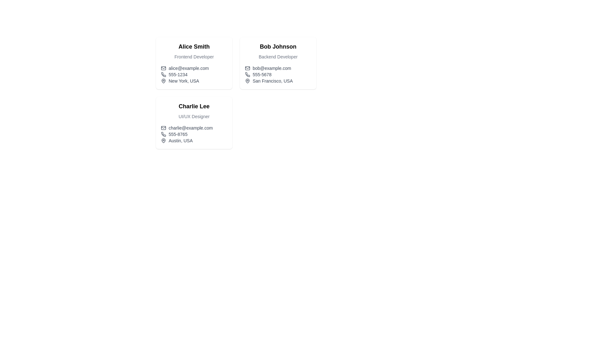 This screenshot has width=611, height=343. Describe the element at coordinates (247, 68) in the screenshot. I see `the email SVG icon representing Bob Johnson's contact information located in the upper-right section of the layout, to the left of 'bob@example.com'` at that location.